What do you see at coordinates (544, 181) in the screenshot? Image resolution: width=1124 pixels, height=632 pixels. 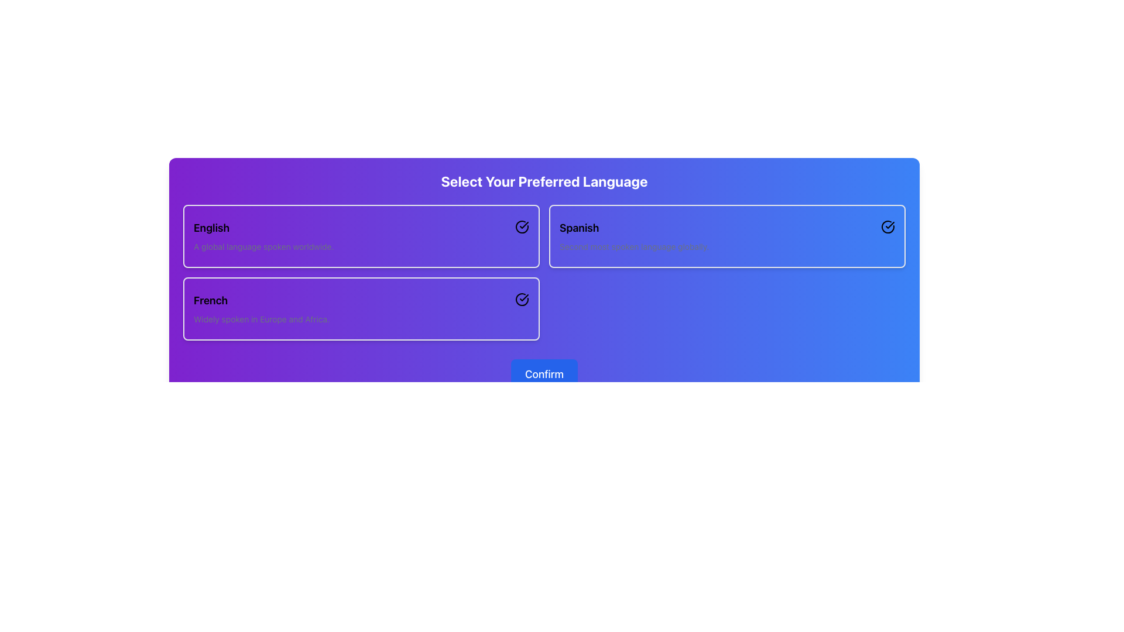 I see `the prominent text label that displays the message 'Select Your Preferred Language', which is bold, large, and white, centered within a gradient blue to purple background` at bounding box center [544, 181].